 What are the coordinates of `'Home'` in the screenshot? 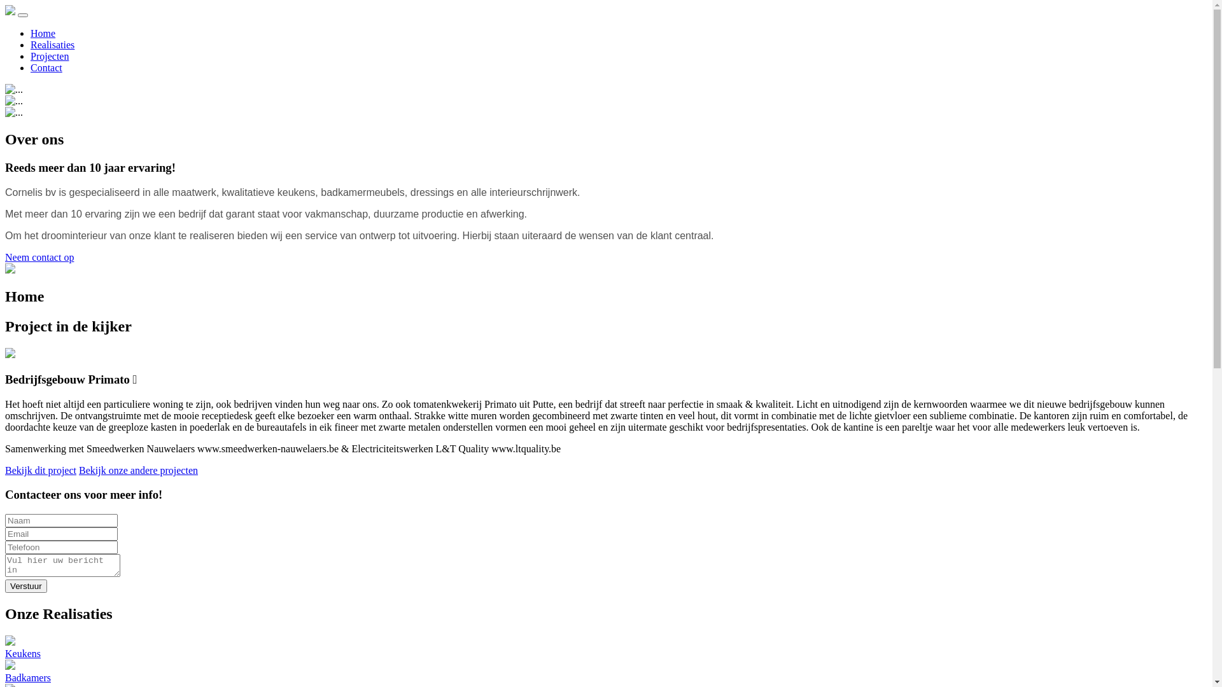 It's located at (43, 32).